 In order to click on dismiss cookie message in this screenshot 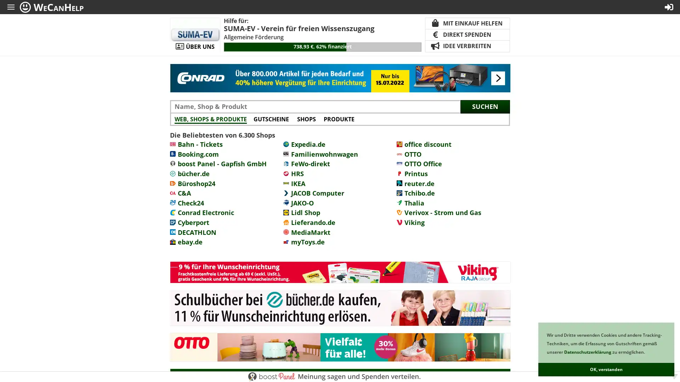, I will do `click(606, 369)`.